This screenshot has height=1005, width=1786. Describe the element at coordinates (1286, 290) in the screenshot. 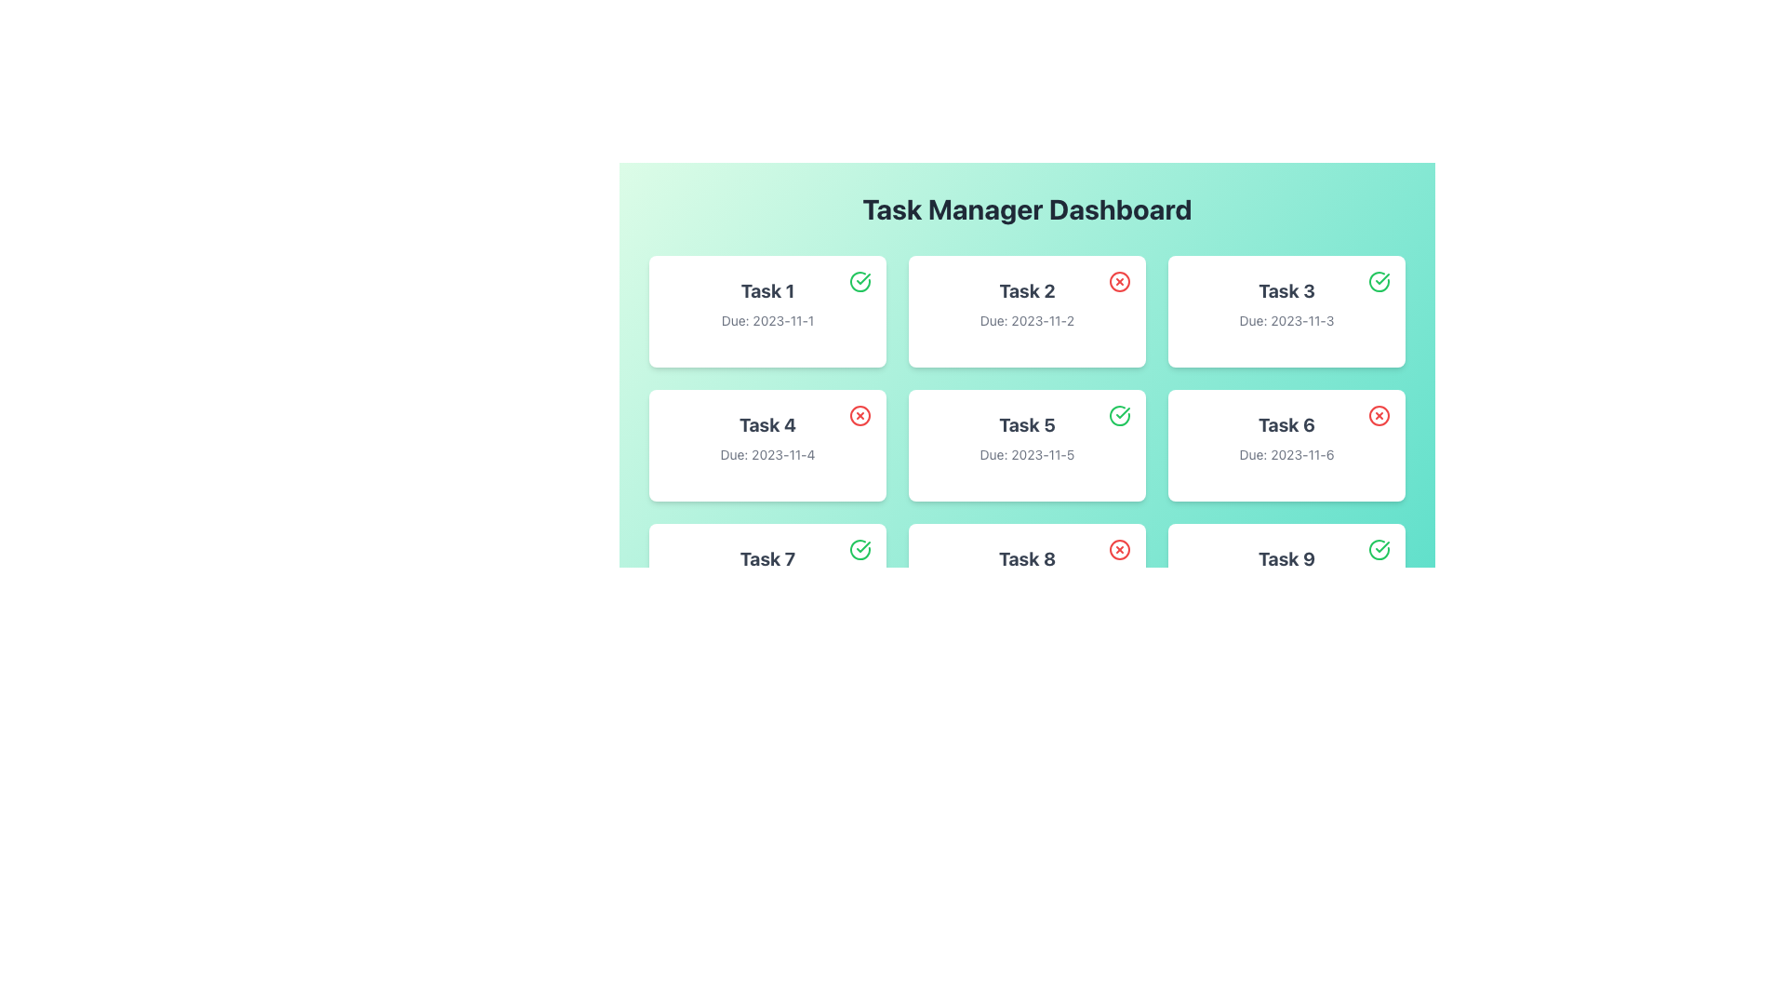

I see `the text label element that serves as the title or identifier for the task card, positioned at the top-center of the card` at that location.